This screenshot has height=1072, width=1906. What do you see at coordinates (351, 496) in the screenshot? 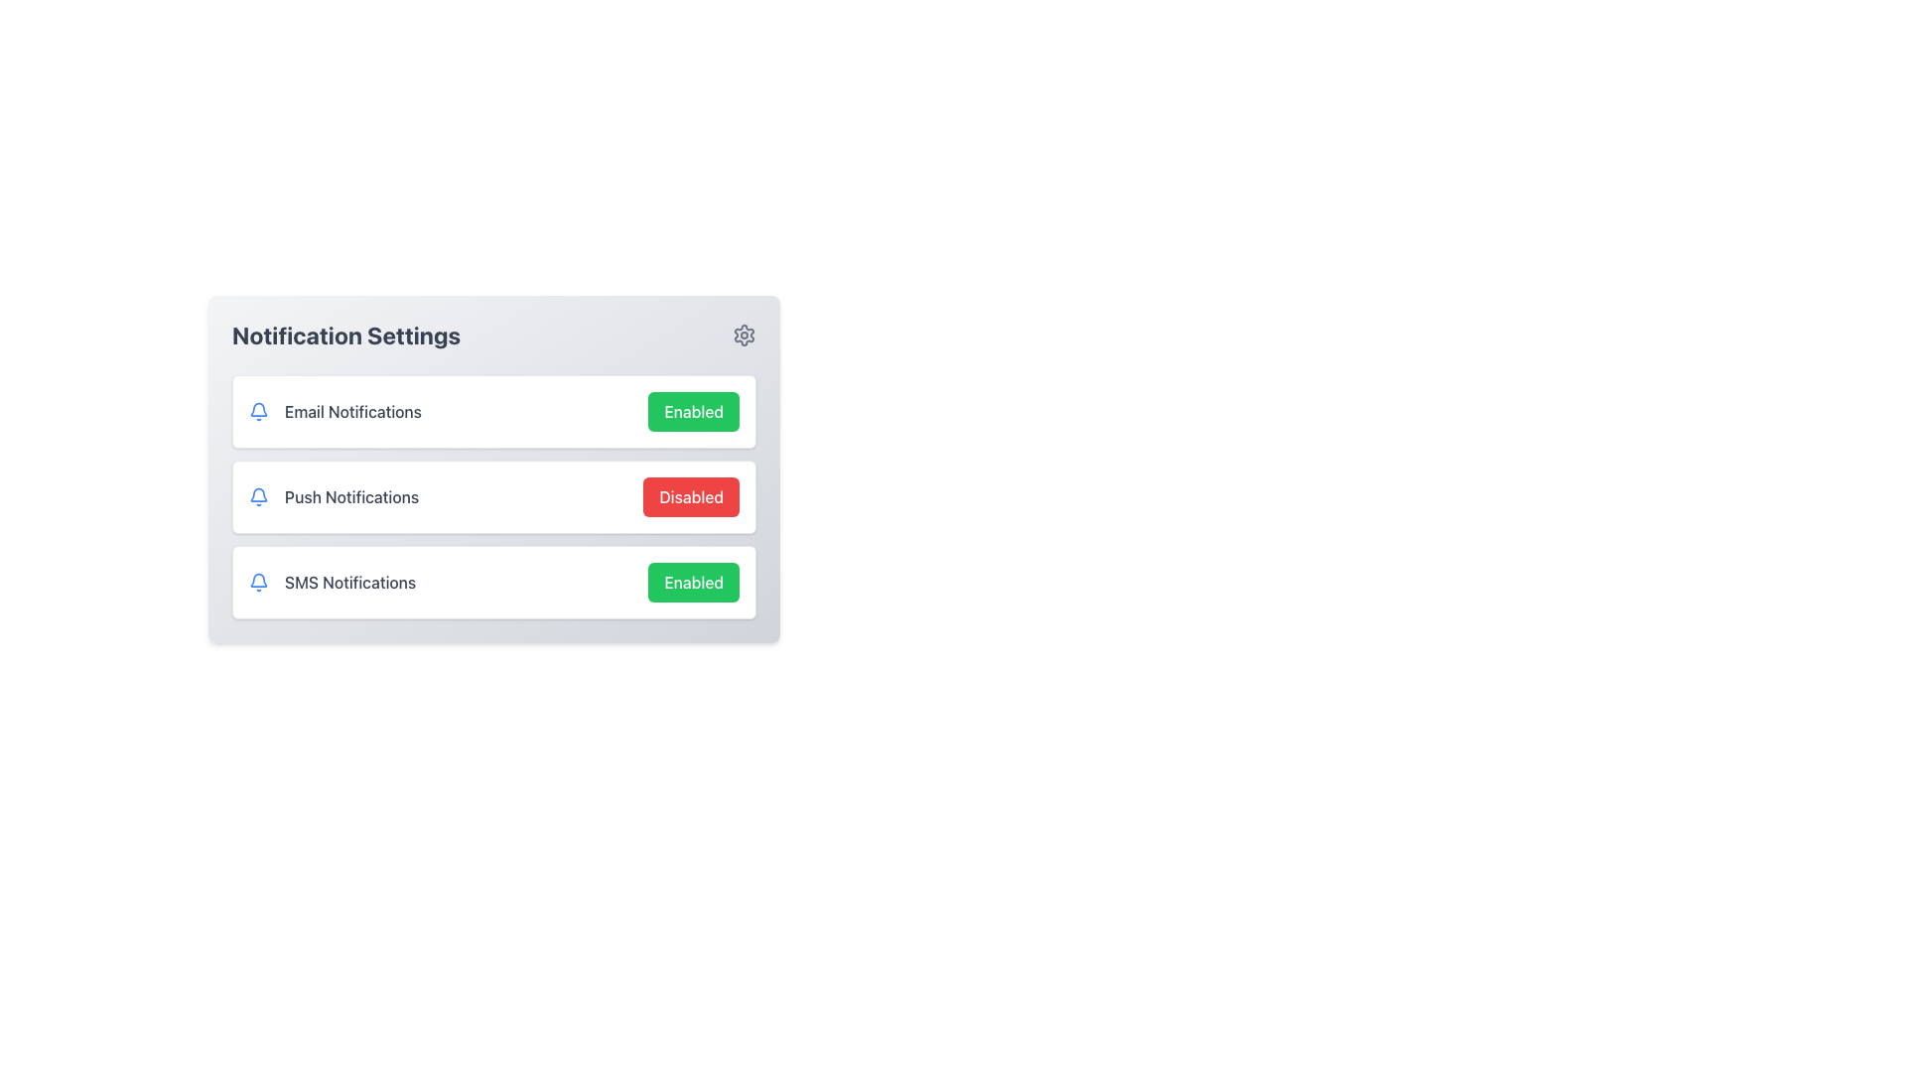
I see `the 'Push Notifications' label in the 'Notification Settings' section` at bounding box center [351, 496].